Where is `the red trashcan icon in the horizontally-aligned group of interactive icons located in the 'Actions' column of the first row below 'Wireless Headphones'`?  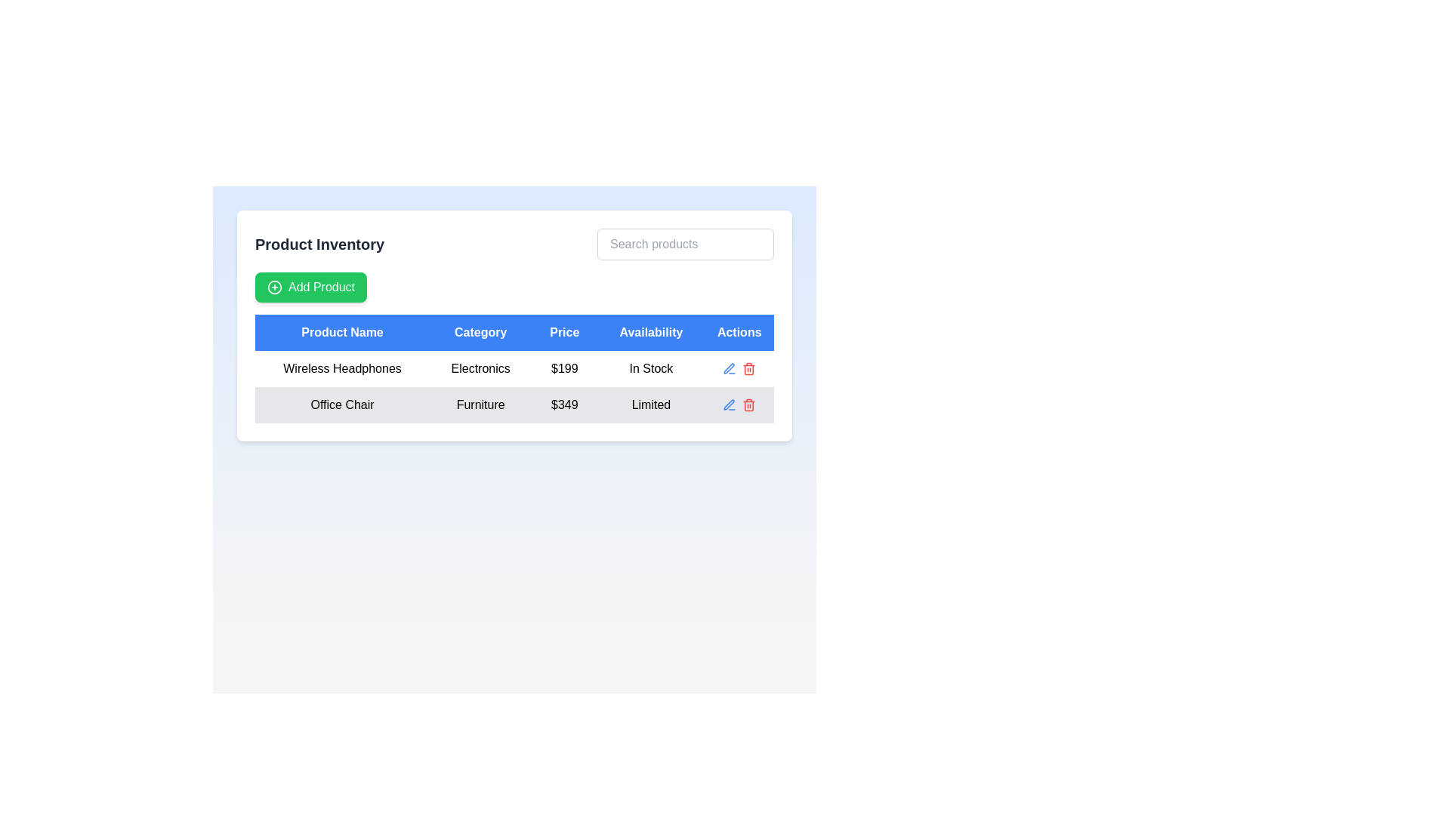 the red trashcan icon in the horizontally-aligned group of interactive icons located in the 'Actions' column of the first row below 'Wireless Headphones' is located at coordinates (739, 369).